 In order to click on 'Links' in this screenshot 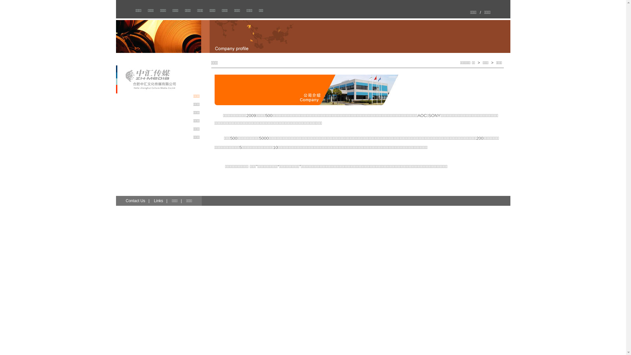, I will do `click(158, 200)`.